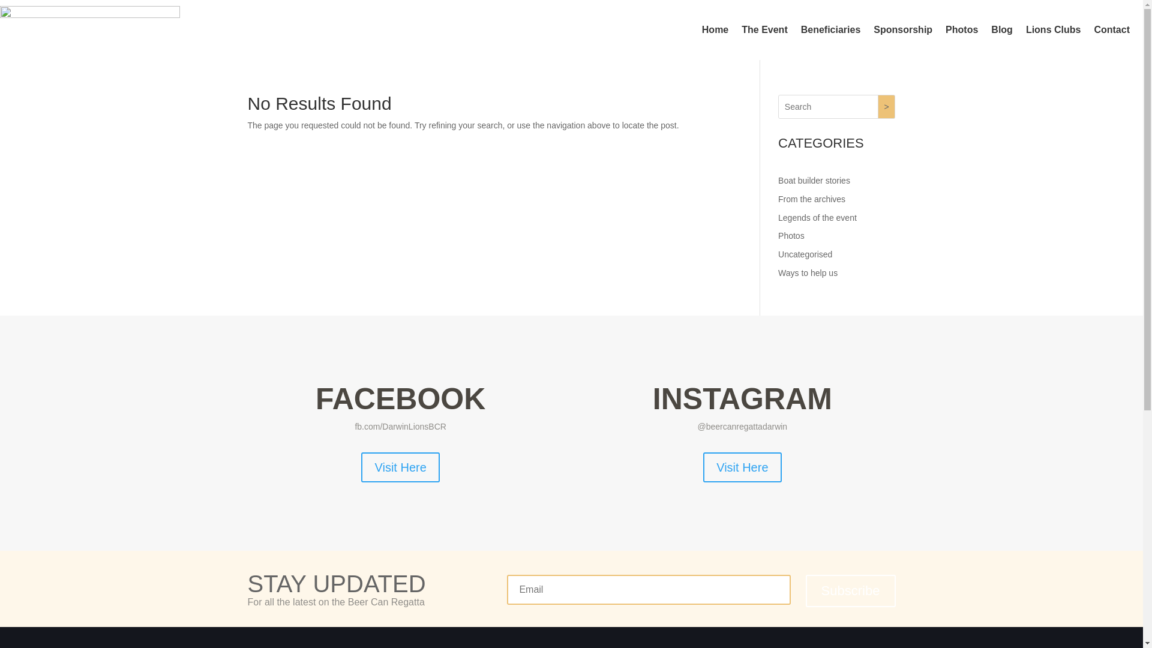 Image resolution: width=1152 pixels, height=648 pixels. I want to click on 'Ways to help us', so click(808, 273).